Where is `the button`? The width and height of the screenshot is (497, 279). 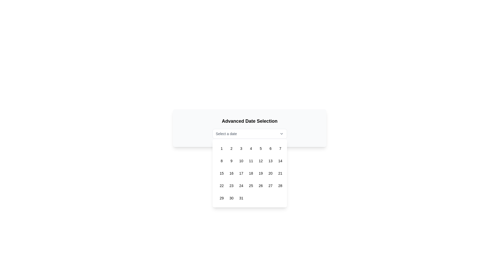 the button is located at coordinates (280, 161).